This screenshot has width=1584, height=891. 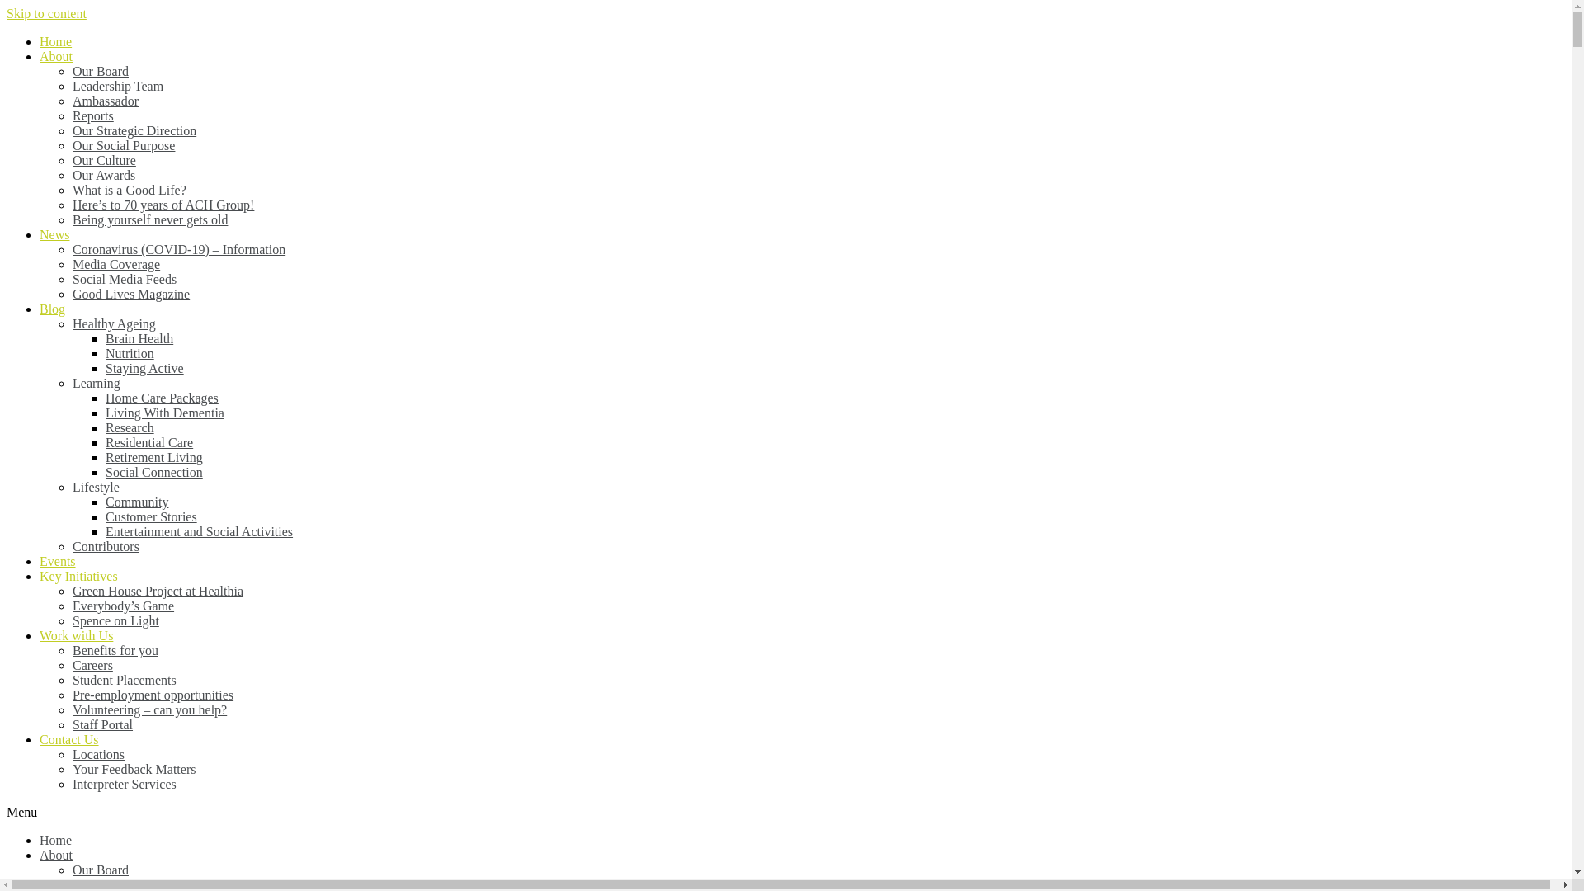 What do you see at coordinates (95, 383) in the screenshot?
I see `'Learning'` at bounding box center [95, 383].